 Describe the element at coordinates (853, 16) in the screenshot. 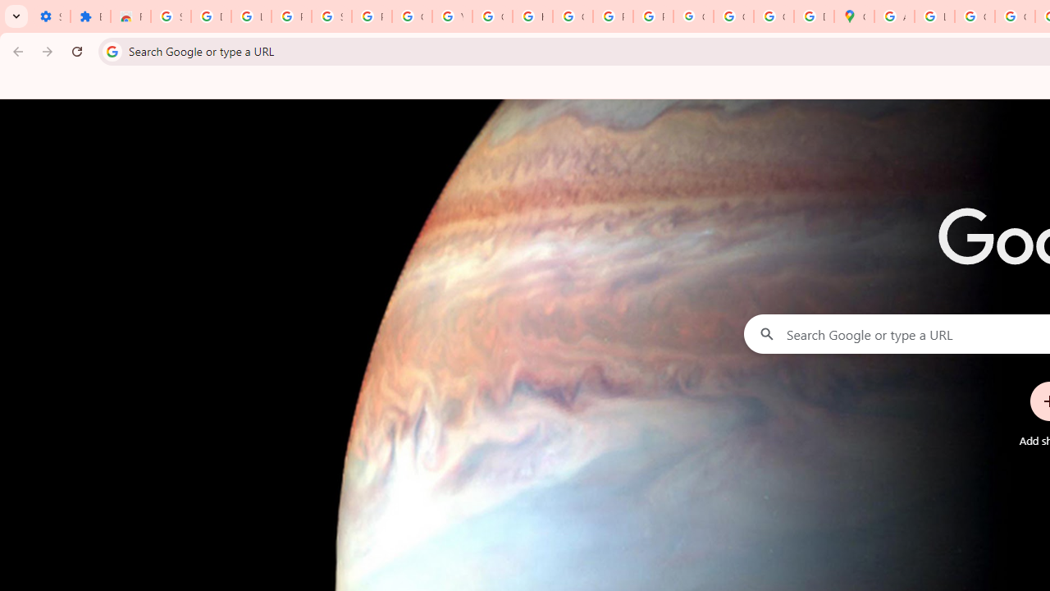

I see `'Google Maps'` at that location.